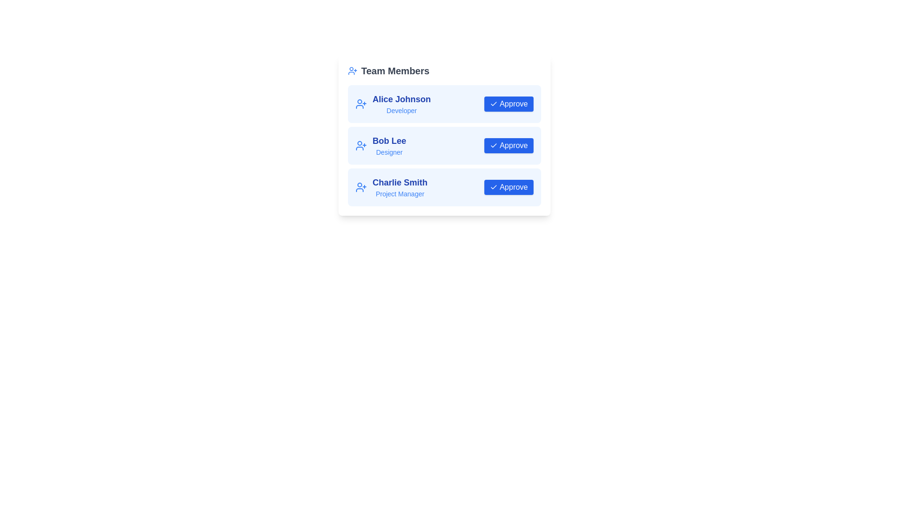 Image resolution: width=909 pixels, height=511 pixels. Describe the element at coordinates (493, 187) in the screenshot. I see `the approval icon within the 'Approve' button for 'Charlie Smith', the third member in the 'Team Members' list` at that location.